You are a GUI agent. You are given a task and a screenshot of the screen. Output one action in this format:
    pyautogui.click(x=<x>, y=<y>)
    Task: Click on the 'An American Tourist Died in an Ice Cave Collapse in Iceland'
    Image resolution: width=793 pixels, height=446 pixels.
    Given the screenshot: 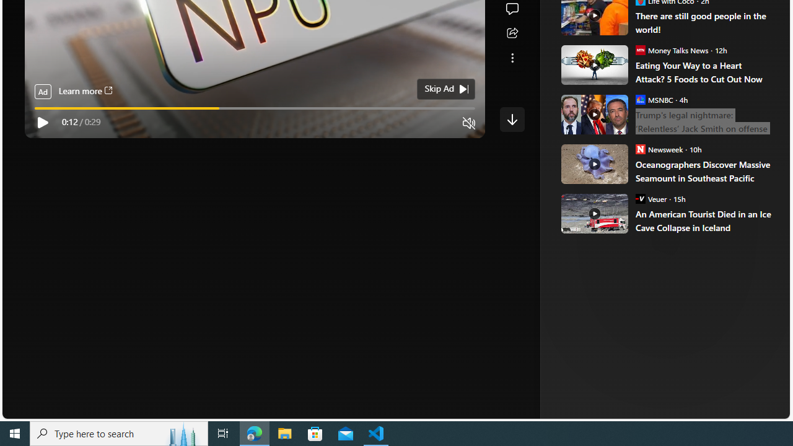 What is the action you would take?
    pyautogui.click(x=704, y=220)
    